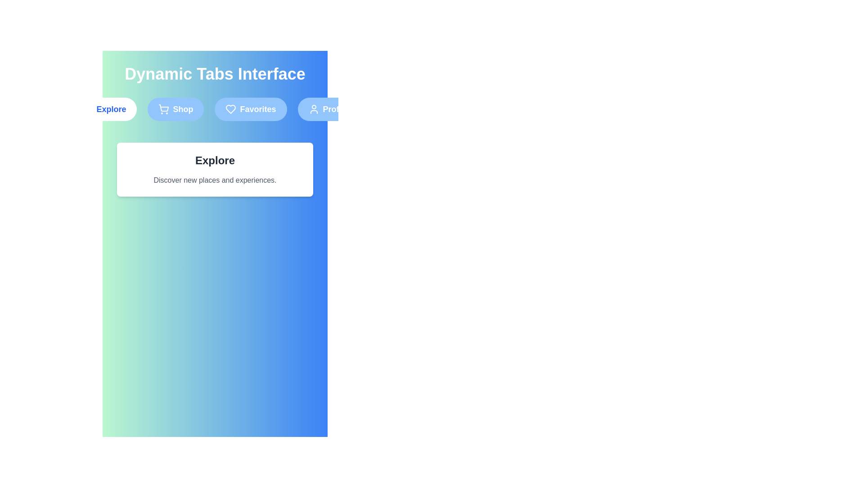  What do you see at coordinates (328, 109) in the screenshot?
I see `the Profile tab by clicking on its label` at bounding box center [328, 109].